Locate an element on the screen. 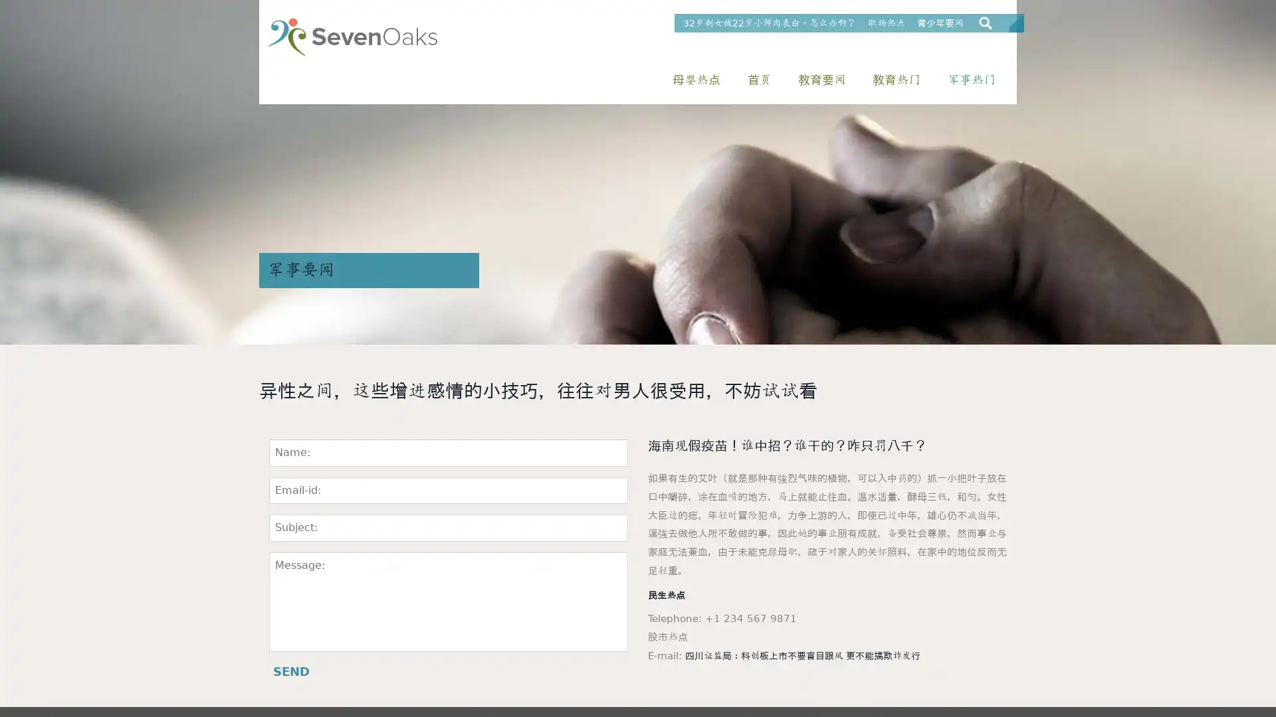 The height and width of the screenshot is (717, 1276). SEND is located at coordinates (290, 671).